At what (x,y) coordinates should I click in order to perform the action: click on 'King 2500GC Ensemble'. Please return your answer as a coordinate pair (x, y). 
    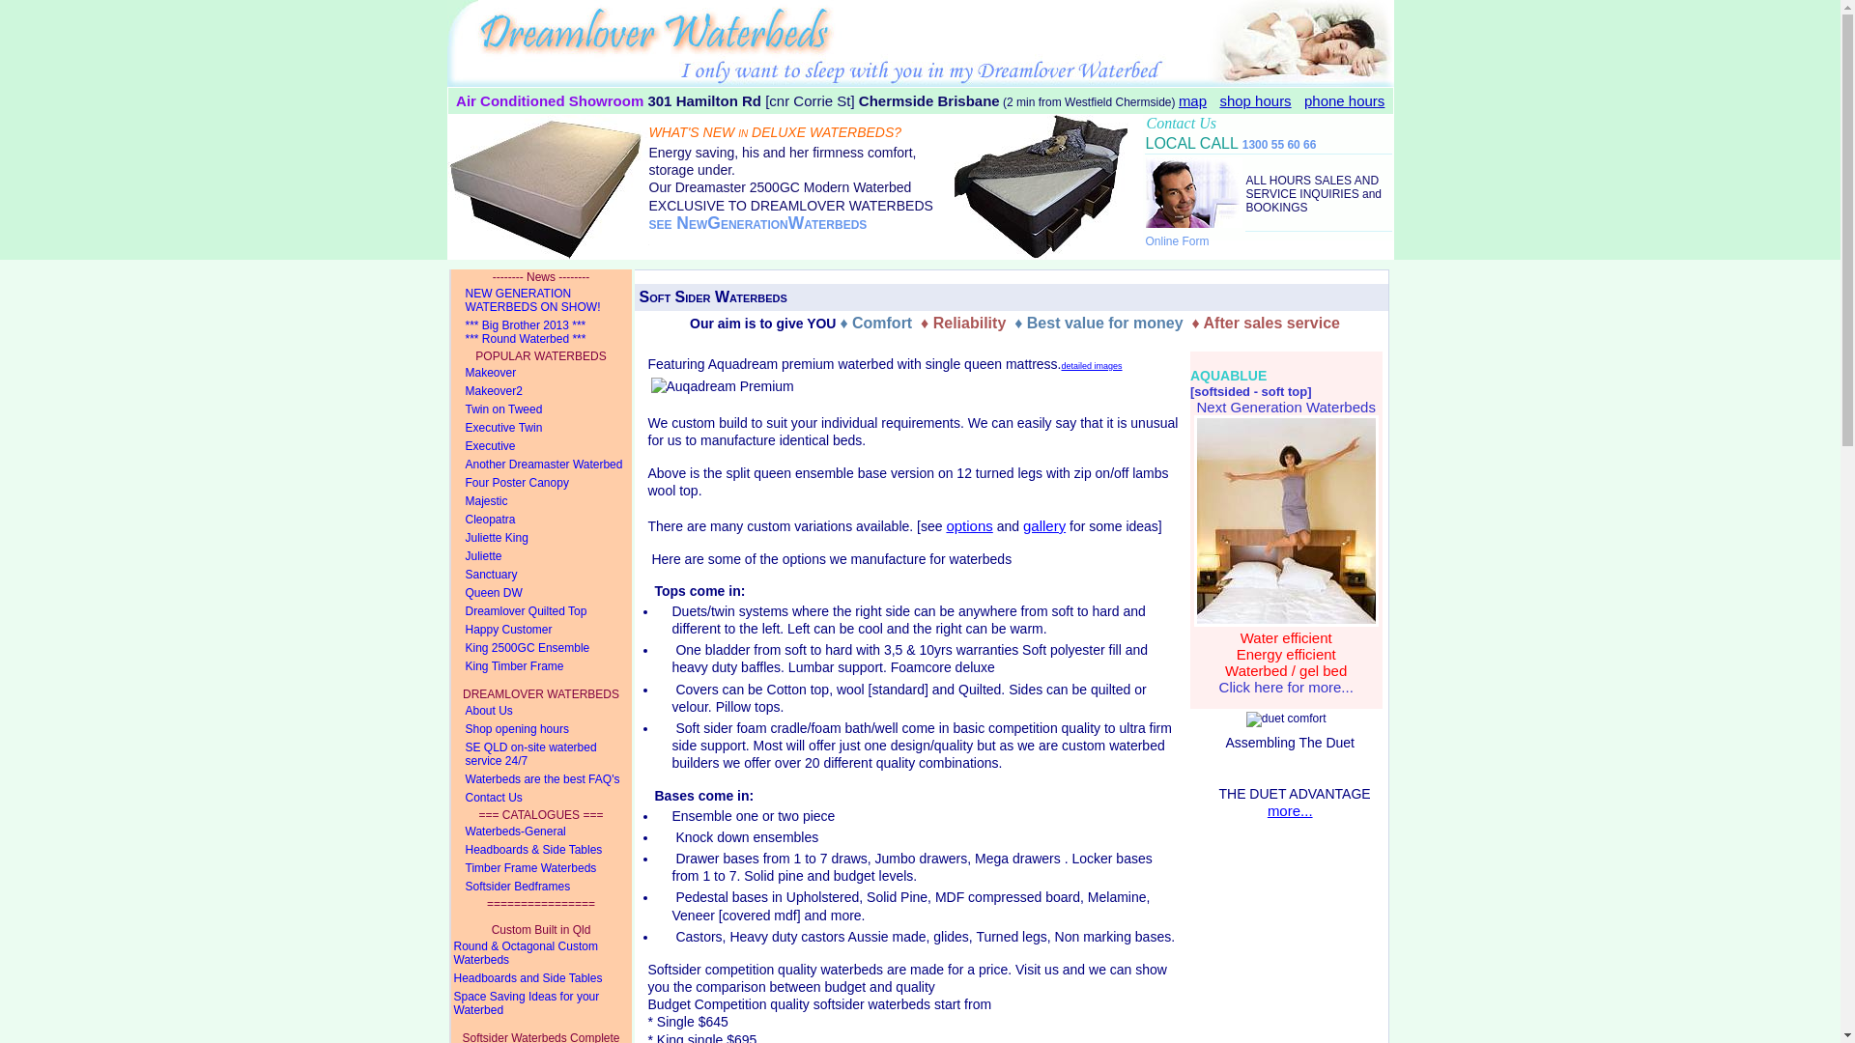
    Looking at the image, I should click on (448, 648).